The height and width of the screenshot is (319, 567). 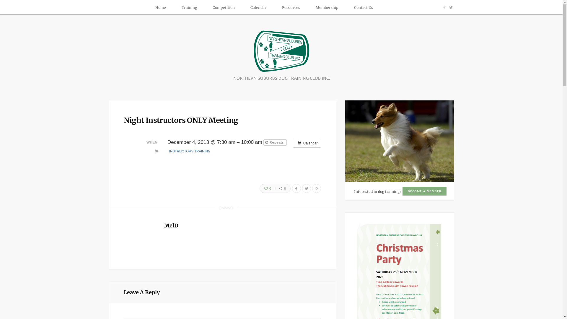 I want to click on 'MelD', so click(x=171, y=225).